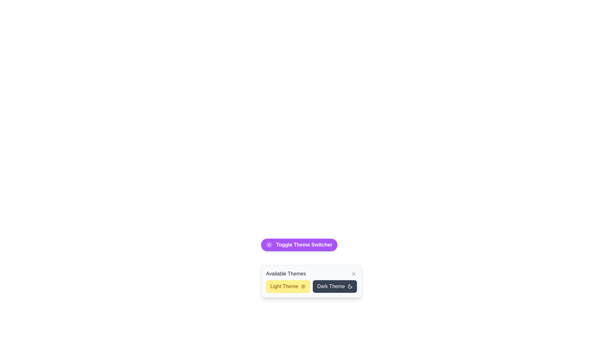 The height and width of the screenshot is (340, 606). Describe the element at coordinates (299, 245) in the screenshot. I see `the 'Toggle Theme Switcher' button, which is a horizontally rectangular button with a vibrant purple background and white text` at that location.